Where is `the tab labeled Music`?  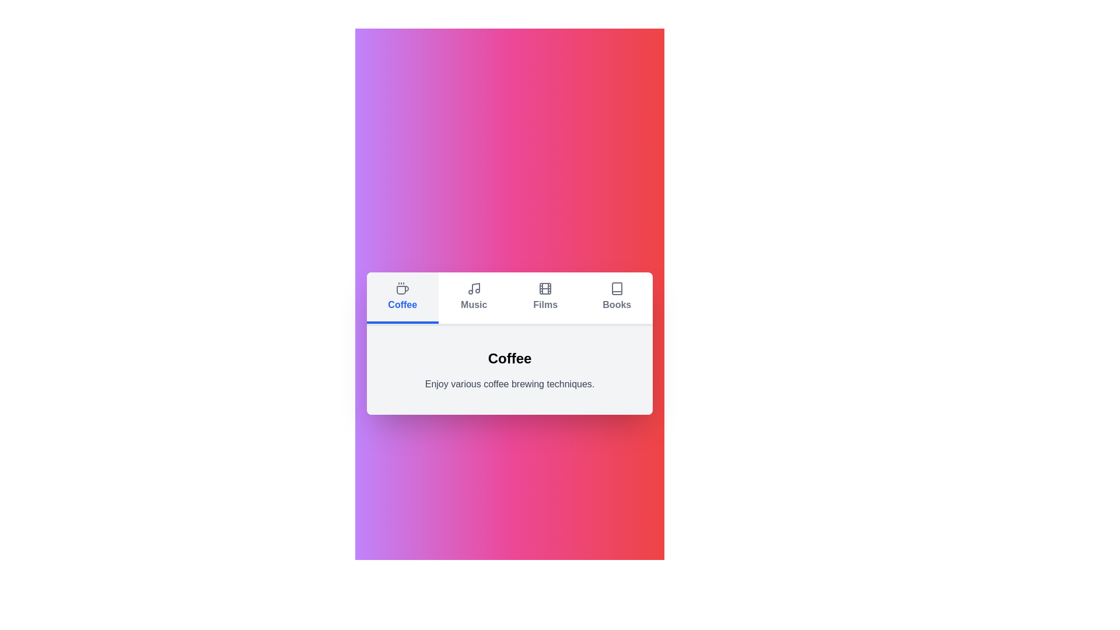
the tab labeled Music is located at coordinates (474, 297).